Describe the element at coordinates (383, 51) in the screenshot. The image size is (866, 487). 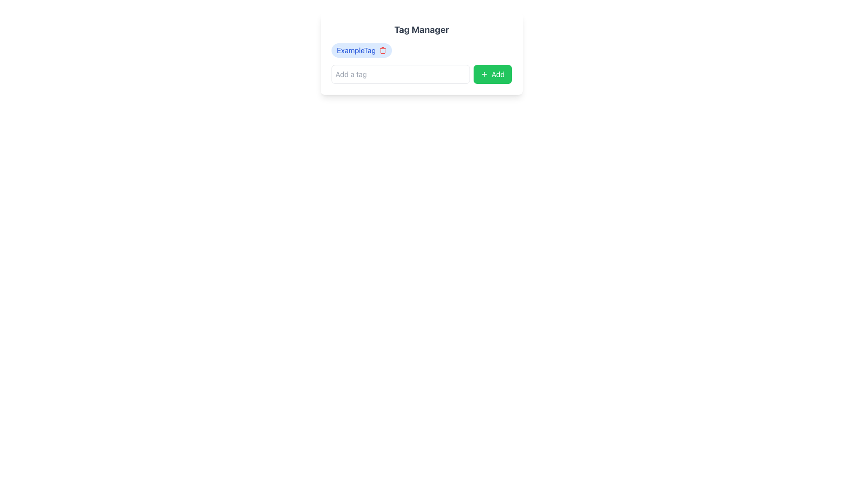
I see `the second component of the trash icon in the SVG illustration, located near the center top of the interface, to trigger its delete functionality` at that location.